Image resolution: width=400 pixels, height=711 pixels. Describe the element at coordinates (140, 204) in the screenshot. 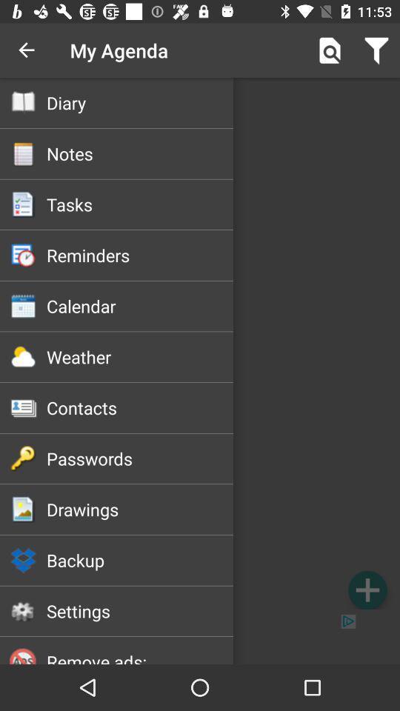

I see `the tasks item` at that location.